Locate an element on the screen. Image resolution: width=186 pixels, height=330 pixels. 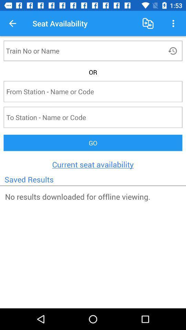
go is located at coordinates (93, 142).